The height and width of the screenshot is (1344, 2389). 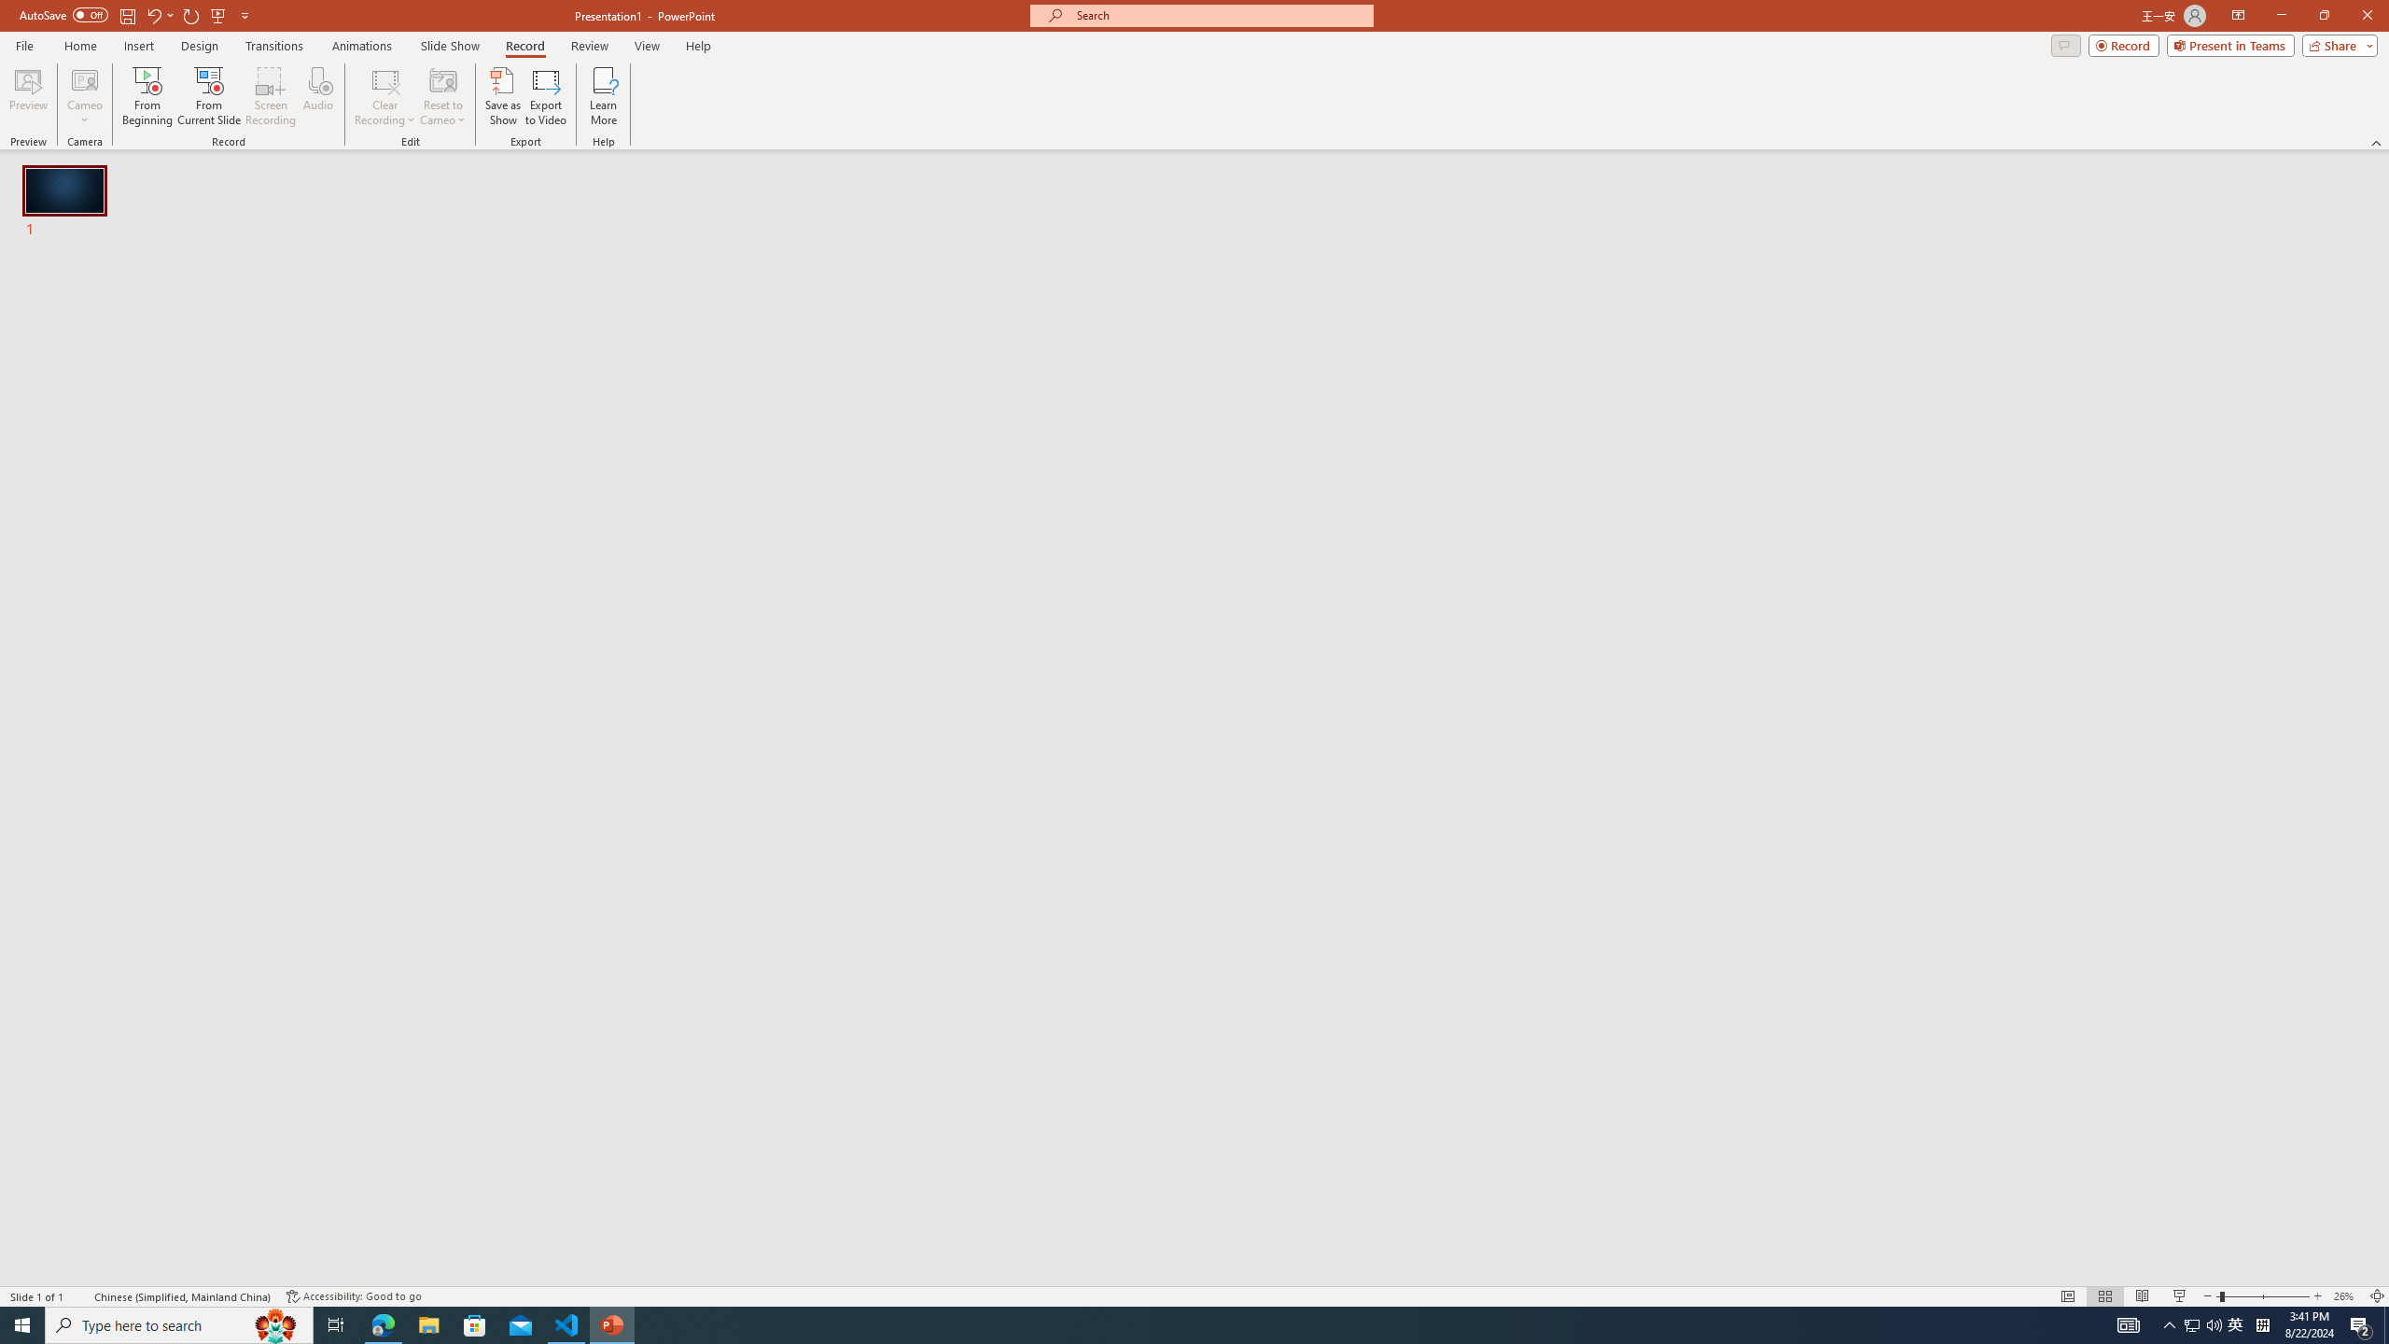 What do you see at coordinates (64, 14) in the screenshot?
I see `'AutoSave'` at bounding box center [64, 14].